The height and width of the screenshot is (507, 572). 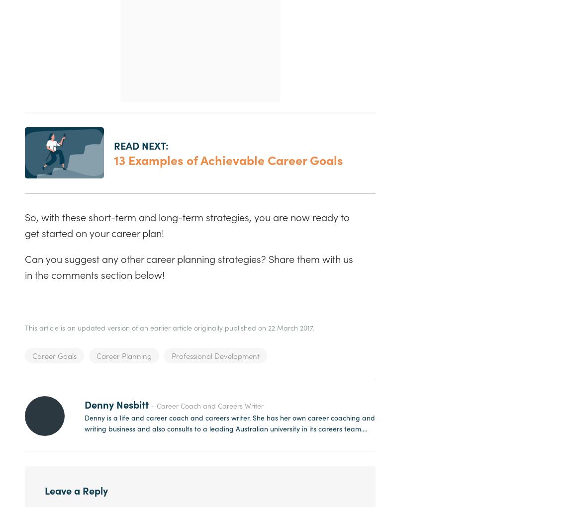 What do you see at coordinates (116, 404) in the screenshot?
I see `'Denny Nesbitt'` at bounding box center [116, 404].